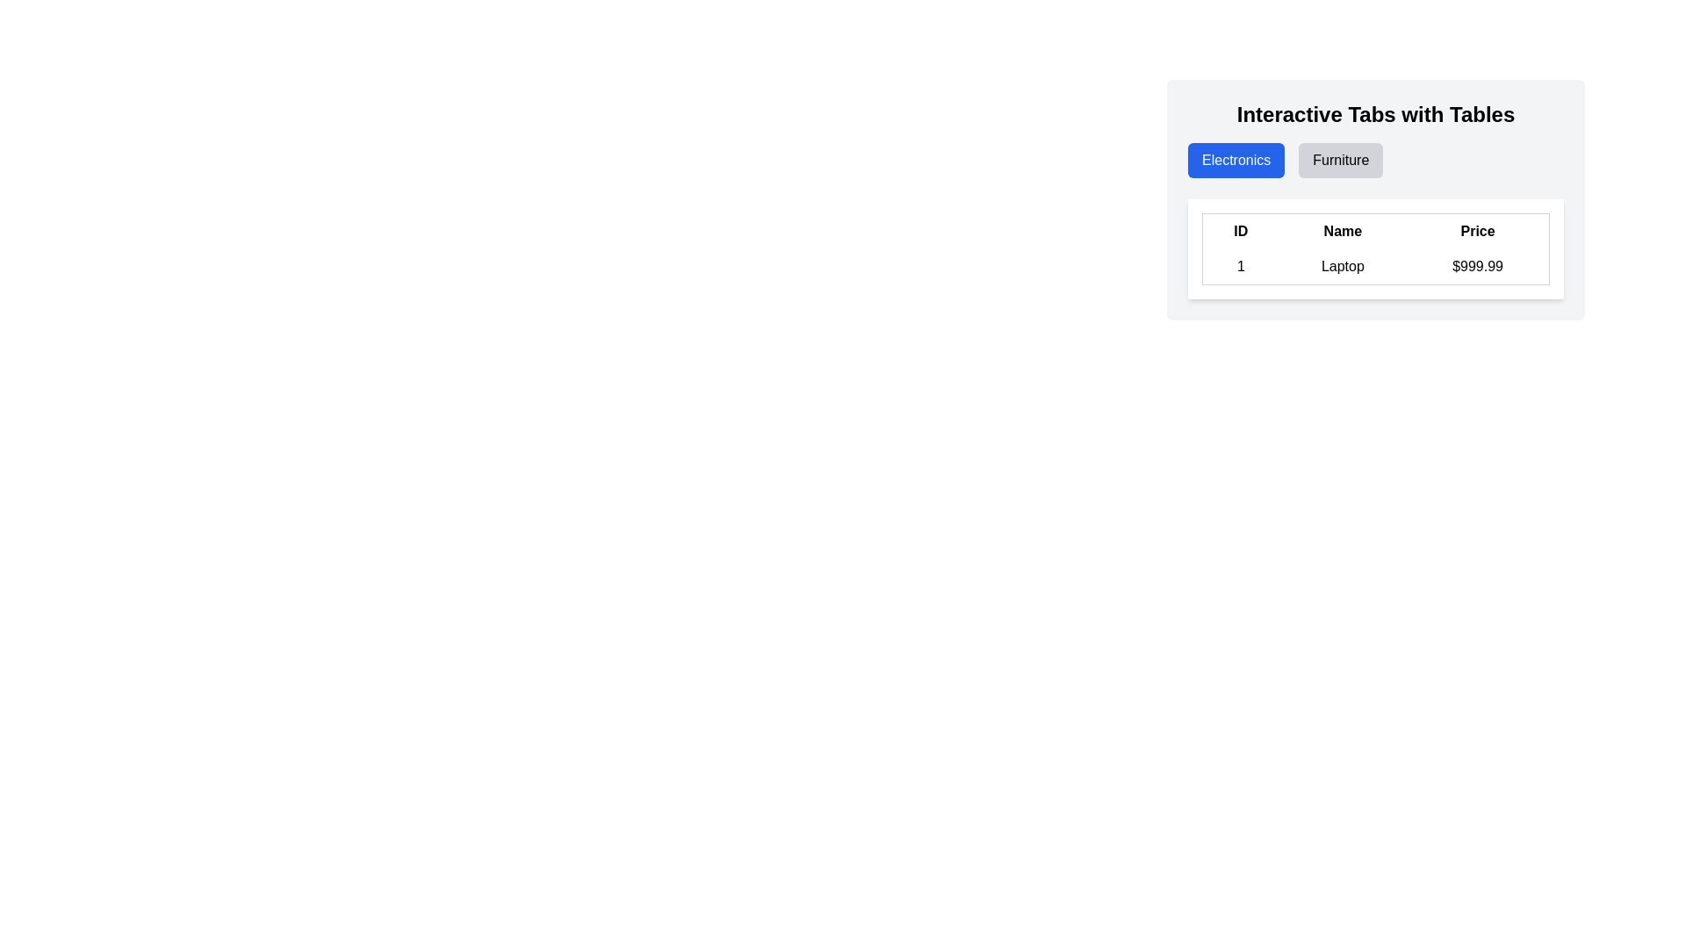 The width and height of the screenshot is (1686, 948). Describe the element at coordinates (1240, 267) in the screenshot. I see `the Text Label that serves as the unique identifier for the item in the first column of the table, located under the 'ID' header` at that location.